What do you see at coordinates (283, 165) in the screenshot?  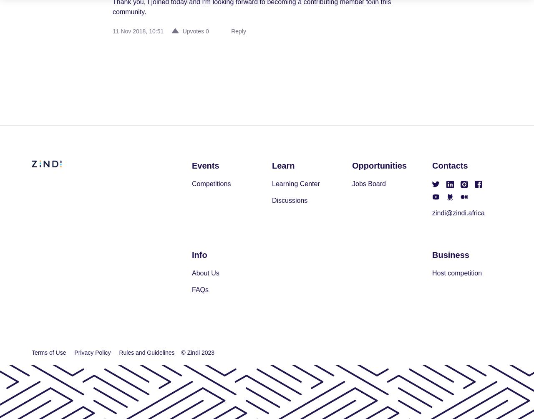 I see `'Learn'` at bounding box center [283, 165].